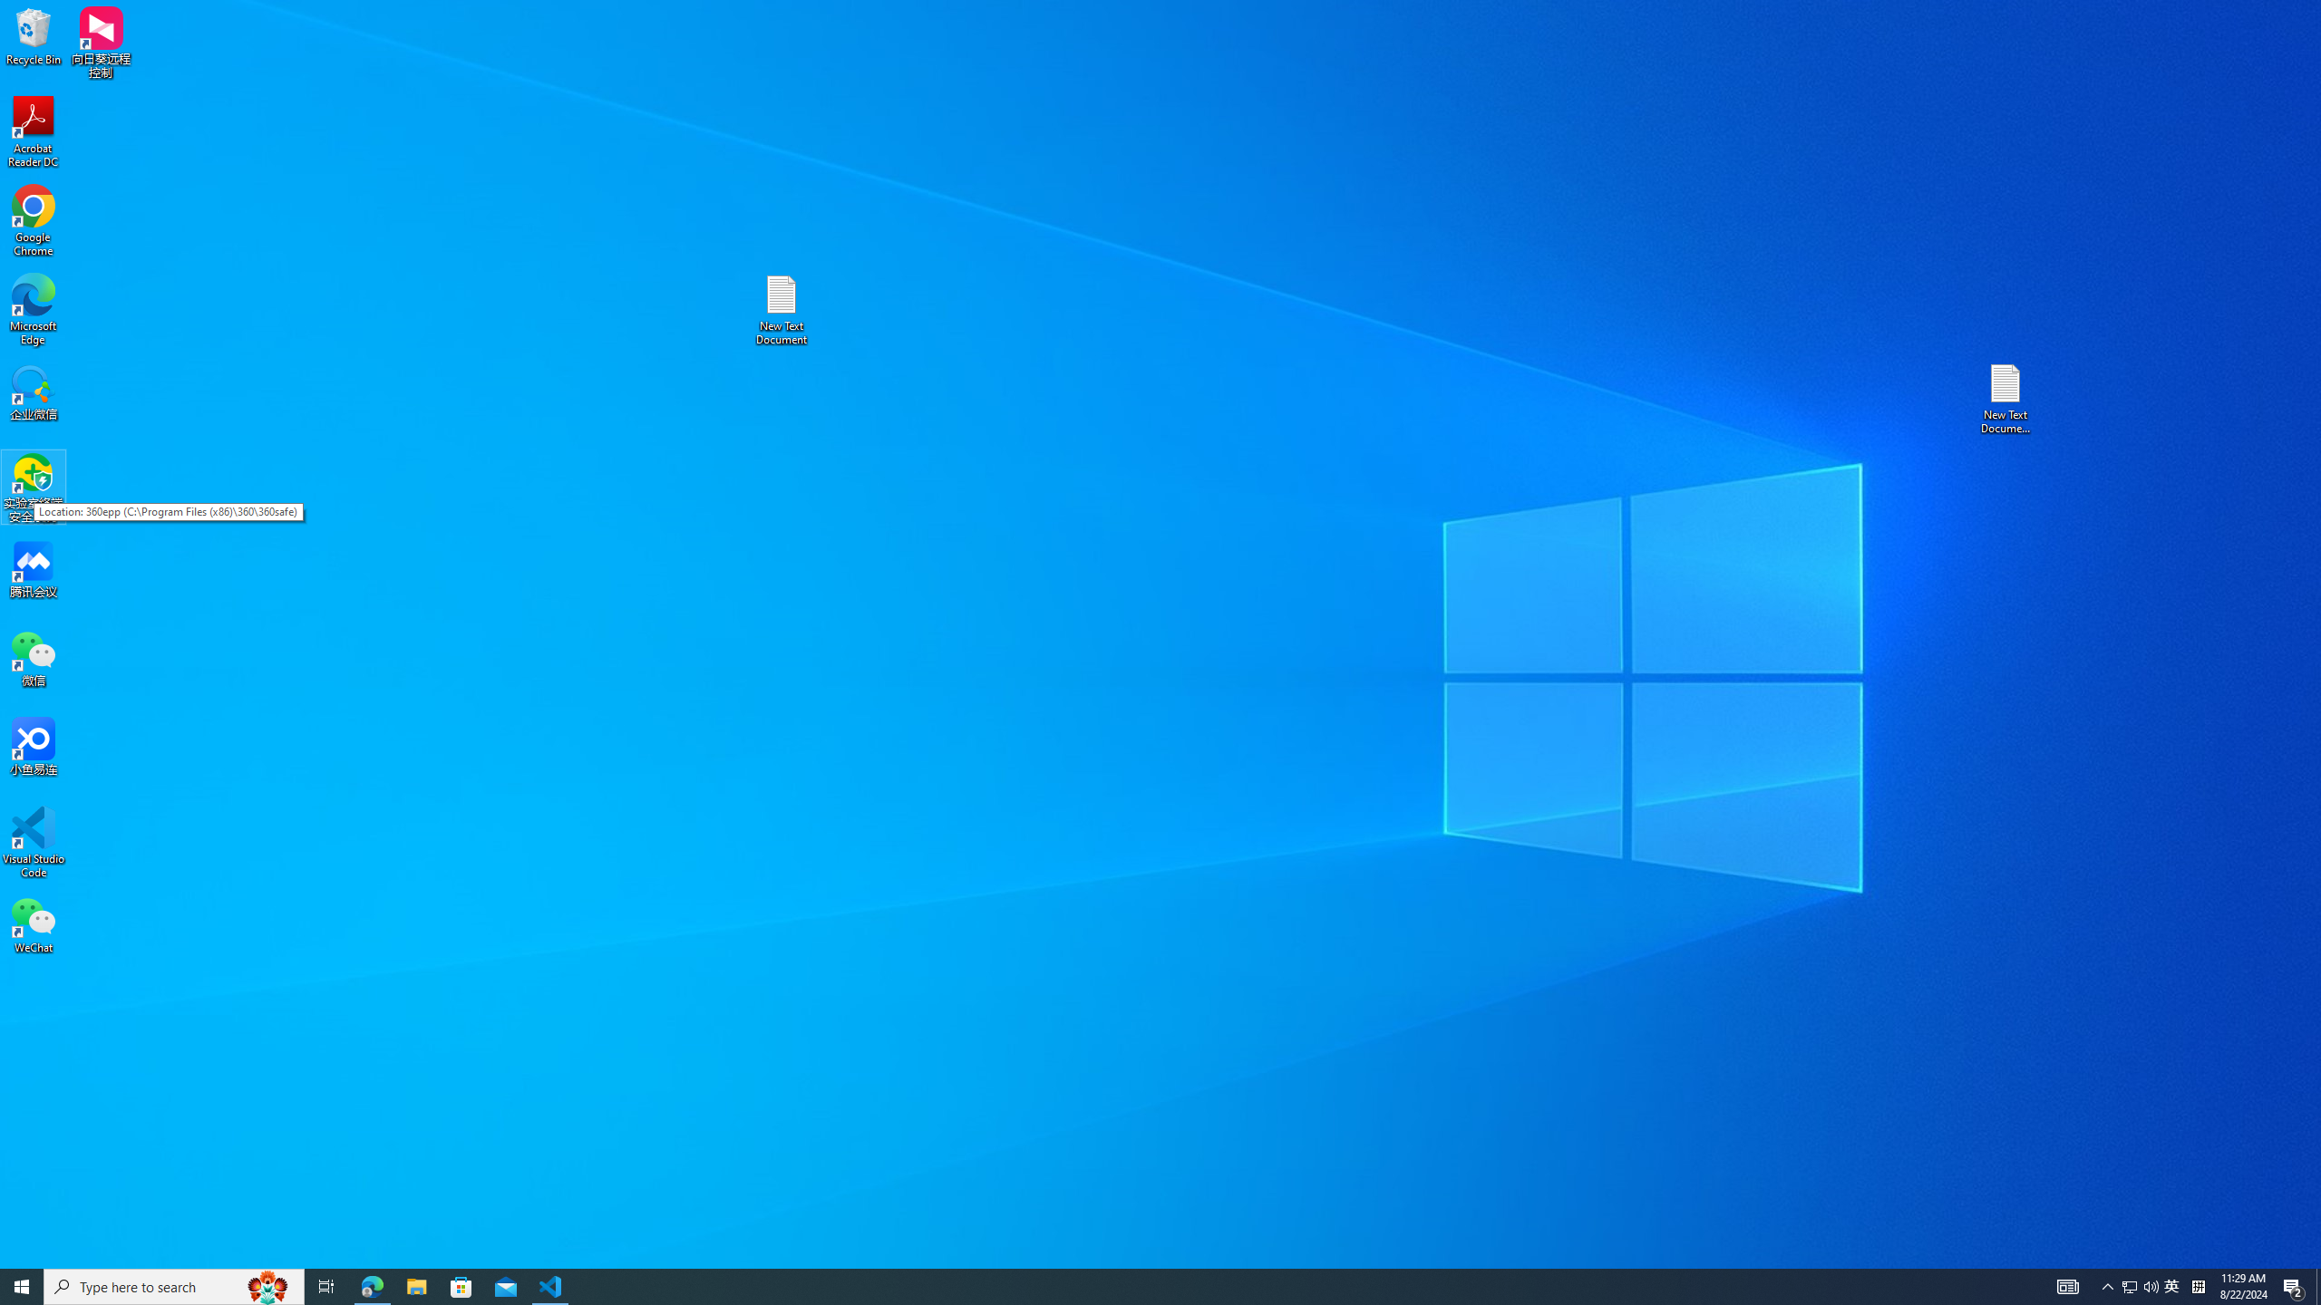 Image resolution: width=2321 pixels, height=1305 pixels. Describe the element at coordinates (33, 131) in the screenshot. I see `'Acrobat Reader DC'` at that location.